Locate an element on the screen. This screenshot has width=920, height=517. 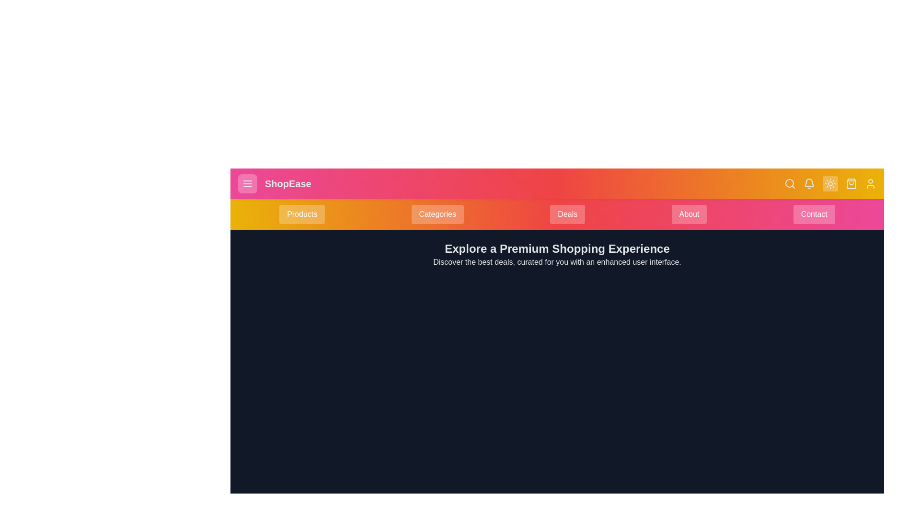
the Categories button in the navigation bar to navigate to the respective section is located at coordinates (437, 214).